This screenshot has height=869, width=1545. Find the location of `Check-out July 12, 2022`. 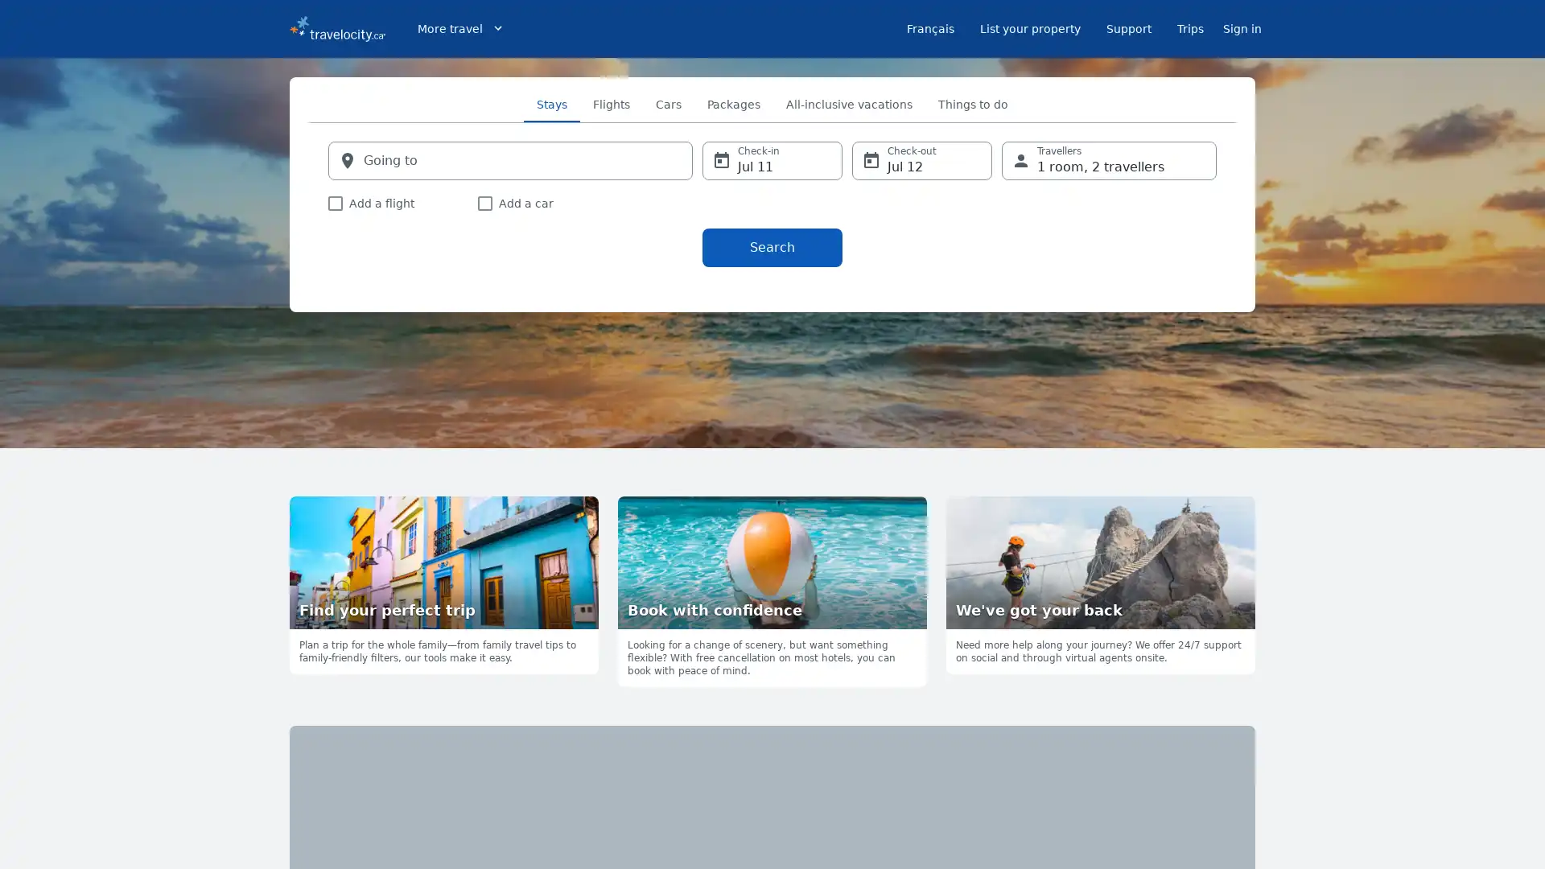

Check-out July 12, 2022 is located at coordinates (922, 161).